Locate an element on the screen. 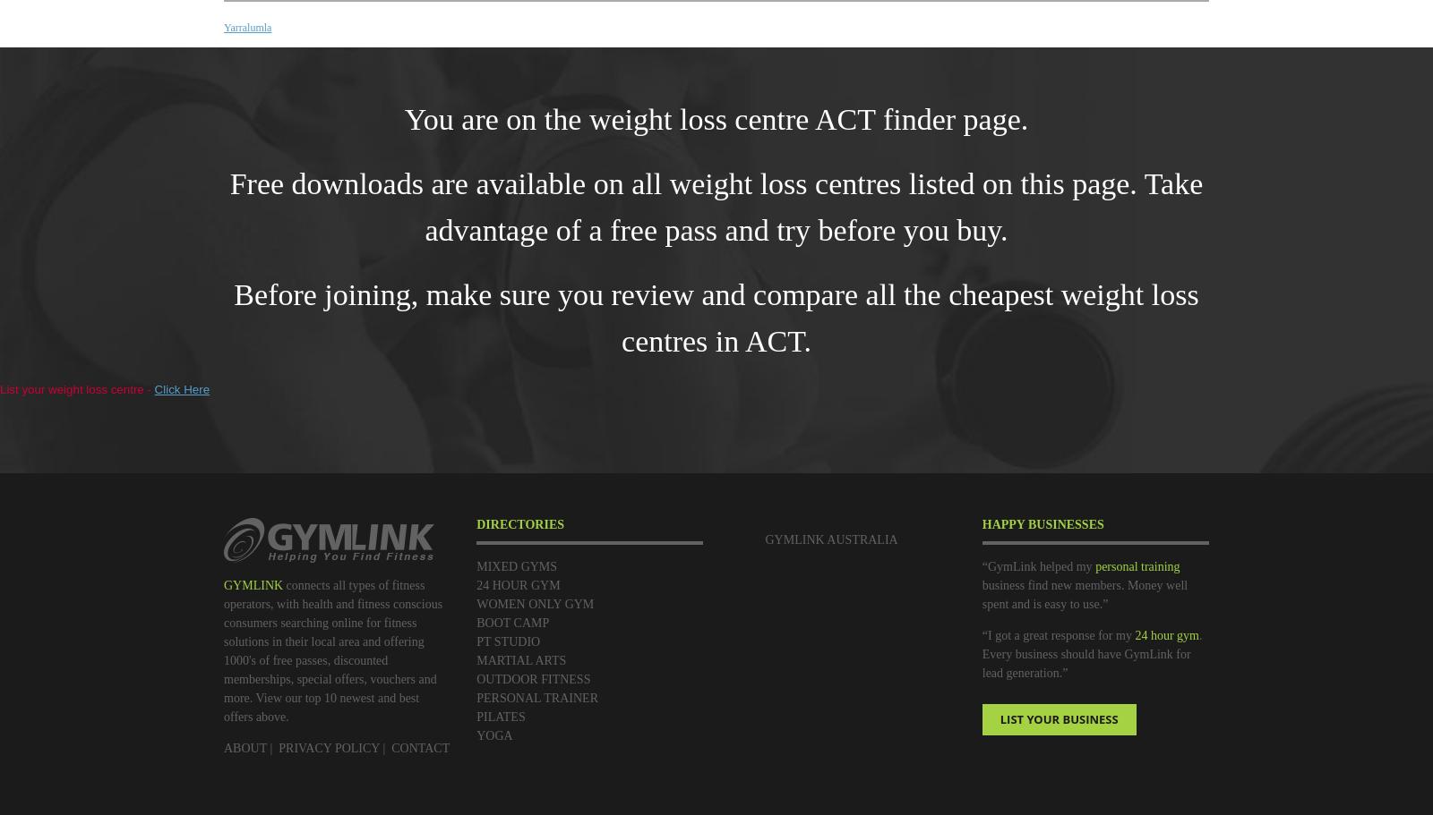 This screenshot has width=1433, height=815. 'Personal Trainer' is located at coordinates (536, 698).